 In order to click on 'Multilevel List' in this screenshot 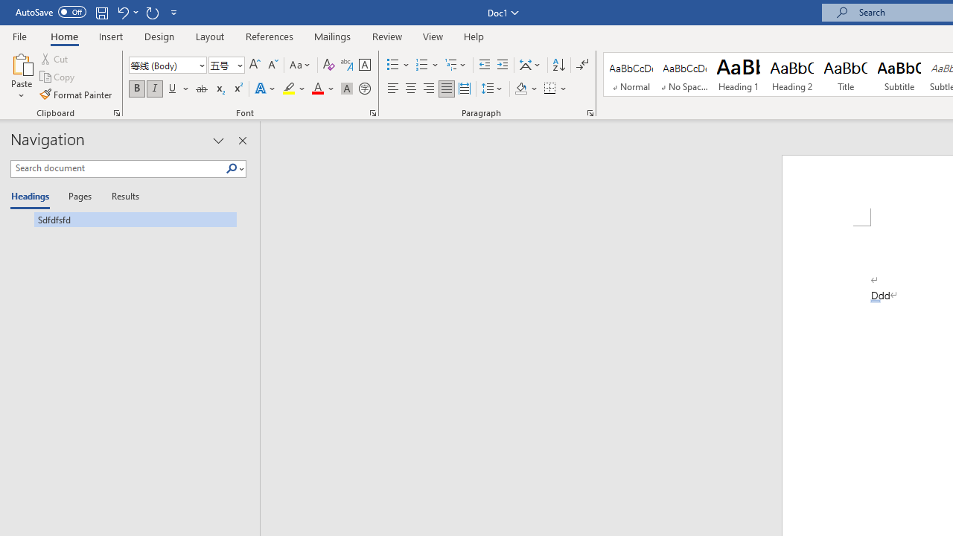, I will do `click(456, 64)`.